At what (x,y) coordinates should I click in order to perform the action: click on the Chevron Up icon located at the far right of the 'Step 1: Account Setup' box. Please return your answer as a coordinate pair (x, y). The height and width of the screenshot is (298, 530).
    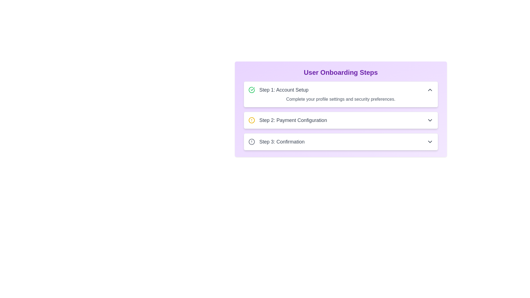
    Looking at the image, I should click on (430, 90).